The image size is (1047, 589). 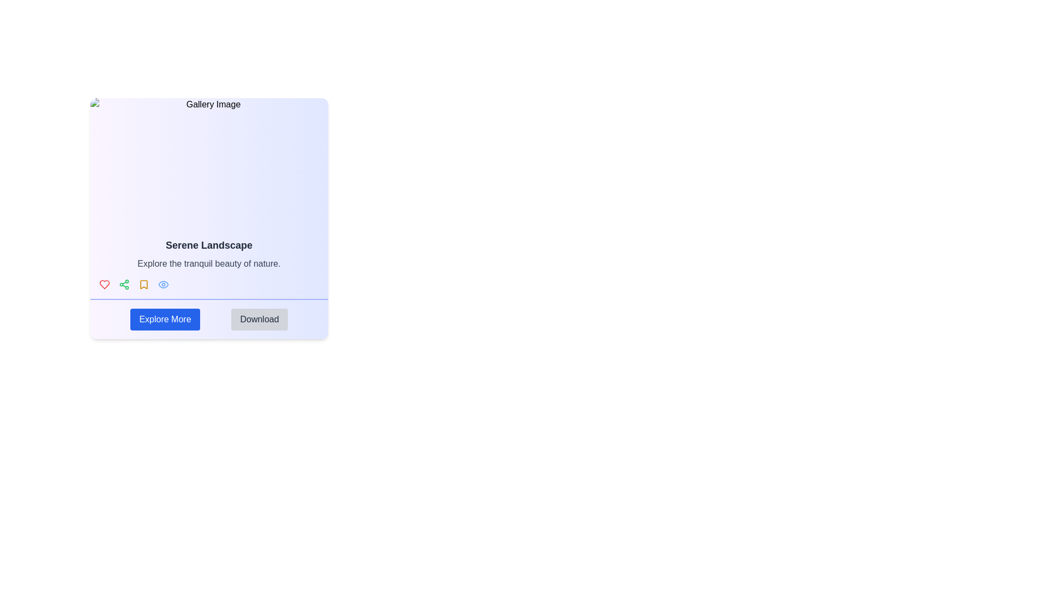 What do you see at coordinates (104, 284) in the screenshot?
I see `the heart icon located in the upper left section of the card layout to favorite or like the item` at bounding box center [104, 284].